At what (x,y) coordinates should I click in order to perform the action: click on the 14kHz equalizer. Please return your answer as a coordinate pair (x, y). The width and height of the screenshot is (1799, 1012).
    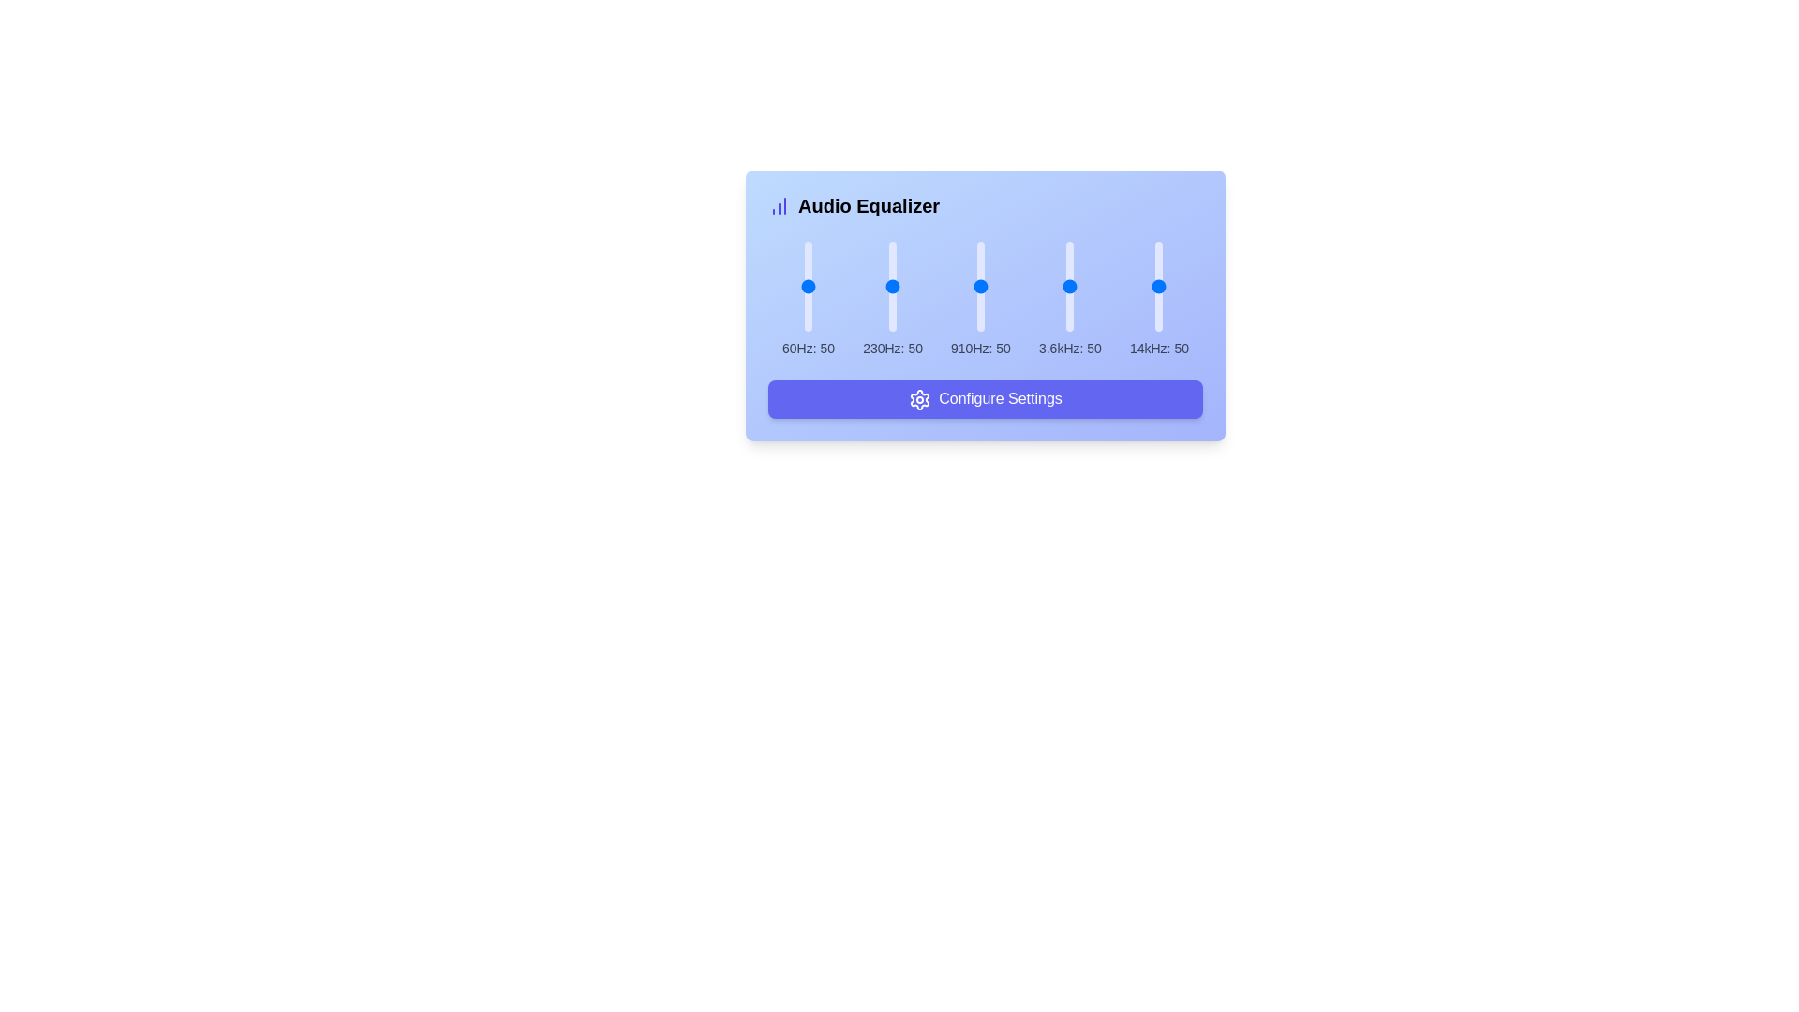
    Looking at the image, I should click on (1158, 274).